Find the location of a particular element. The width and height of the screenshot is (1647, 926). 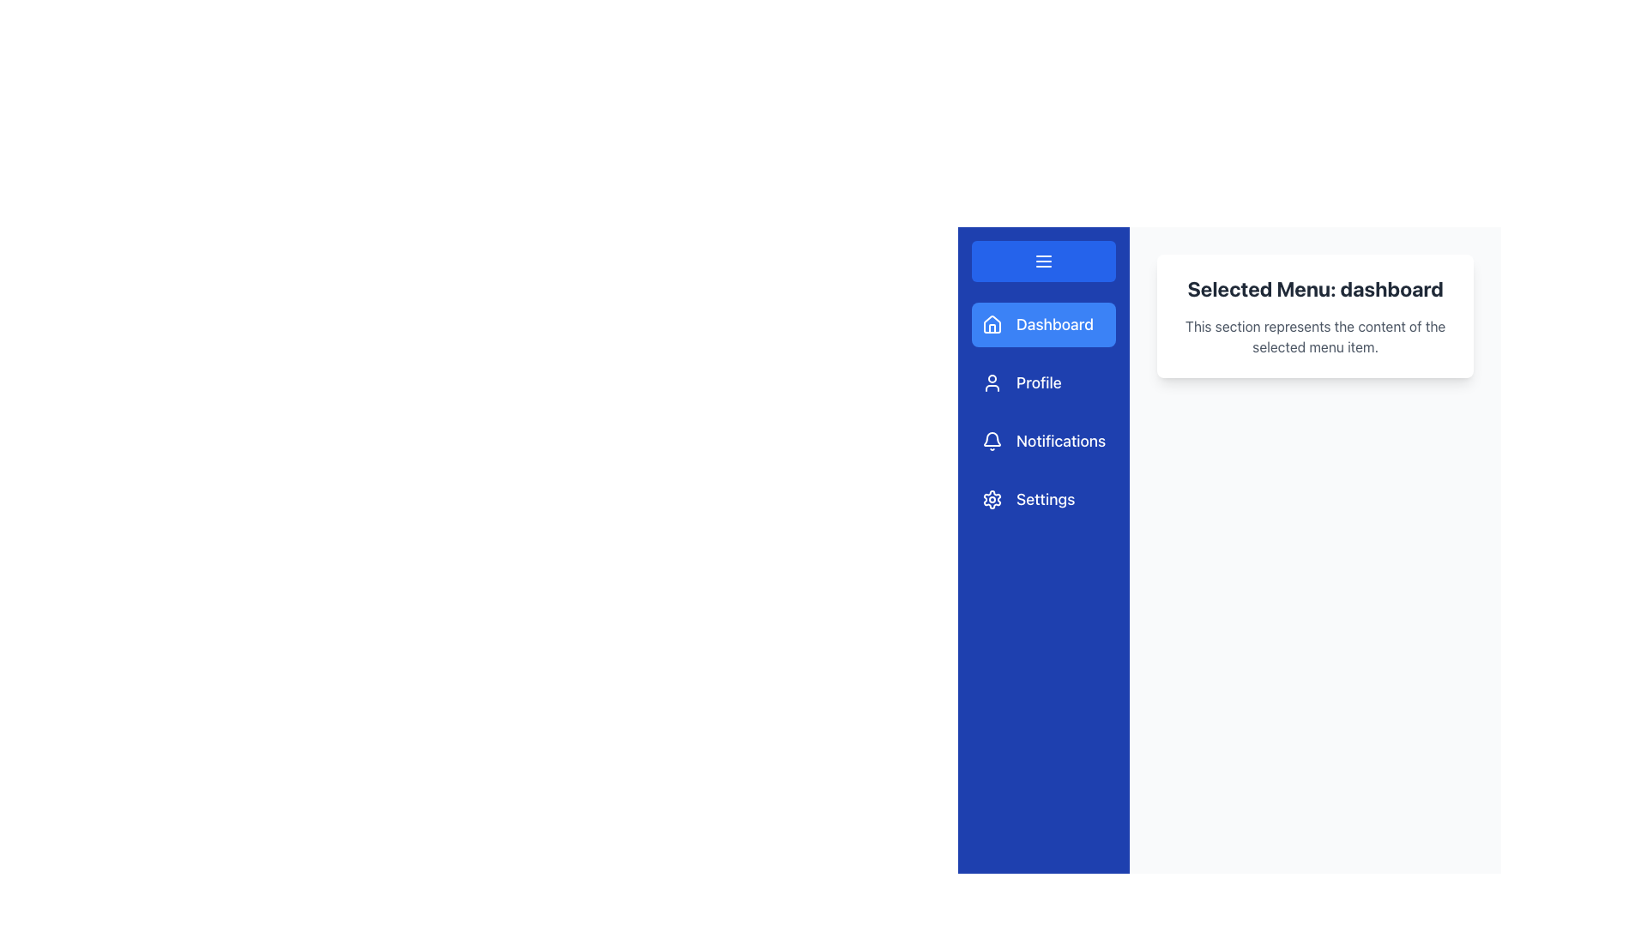

the gear icon representing the Settings menu option located at the bottom of the vertical menu in the left sidebar is located at coordinates (992, 499).